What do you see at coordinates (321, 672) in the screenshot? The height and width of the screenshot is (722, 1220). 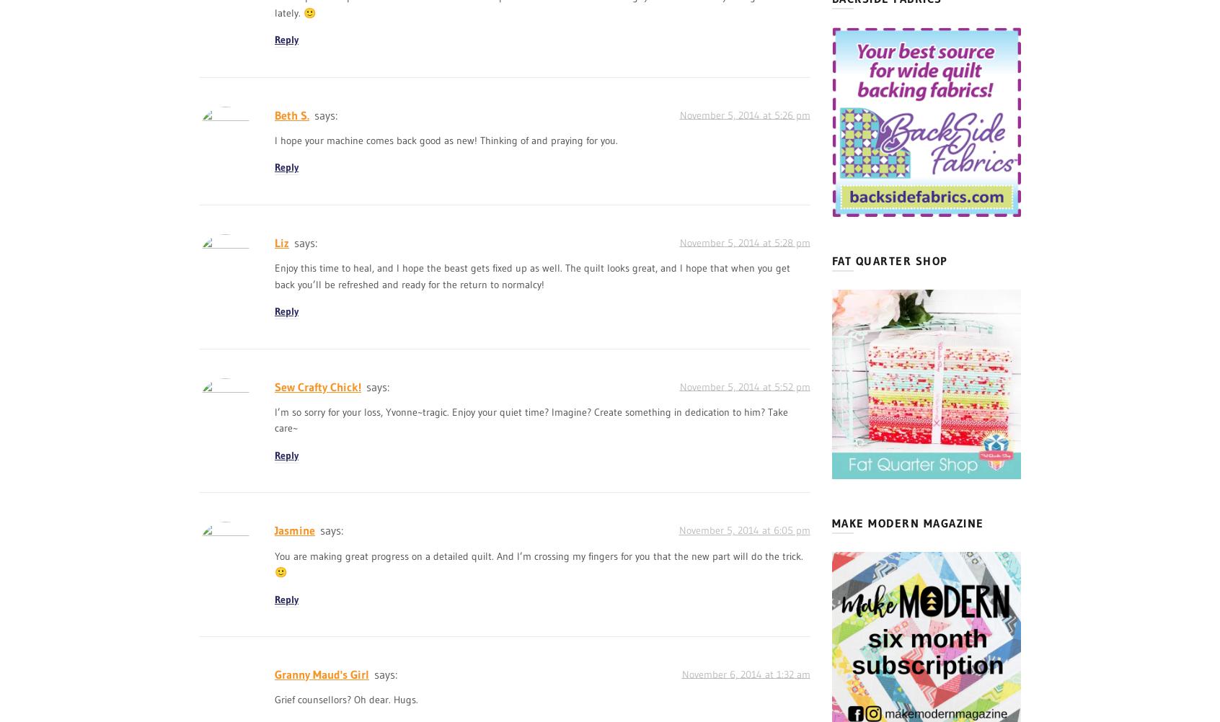 I see `'Granny Maud's Girl'` at bounding box center [321, 672].